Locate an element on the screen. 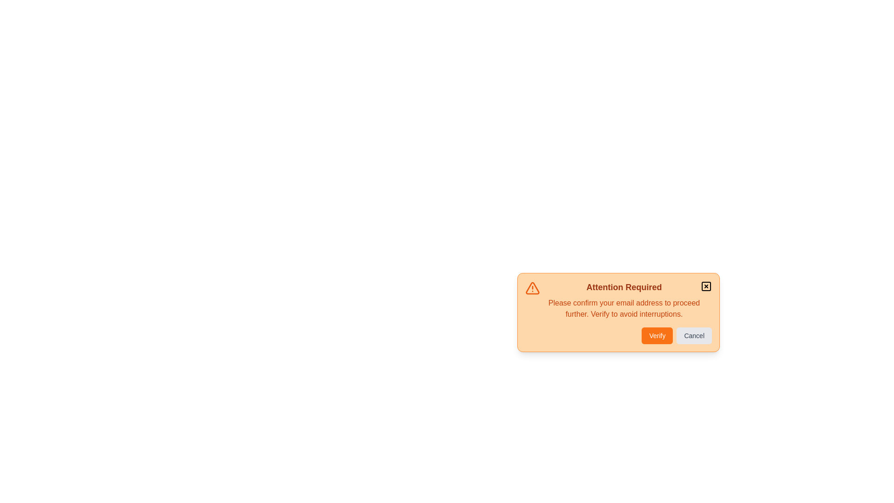 This screenshot has height=503, width=894. the 'Verify' button to confirm the email is located at coordinates (657, 336).